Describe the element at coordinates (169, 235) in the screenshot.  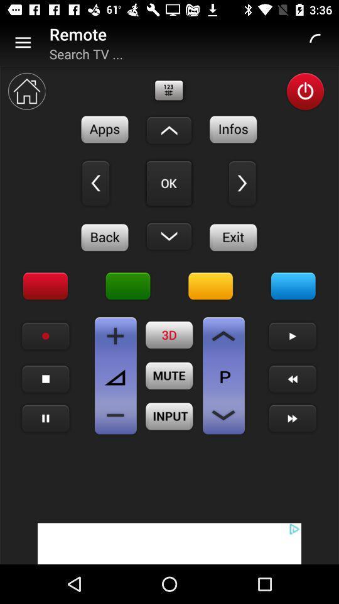
I see `navigation down on remote` at that location.